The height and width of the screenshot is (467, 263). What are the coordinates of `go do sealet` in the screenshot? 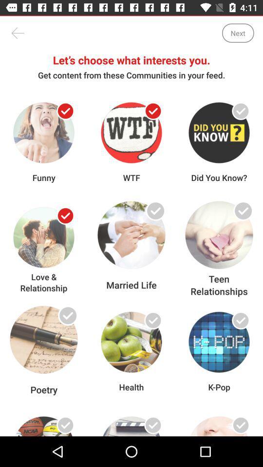 It's located at (65, 216).